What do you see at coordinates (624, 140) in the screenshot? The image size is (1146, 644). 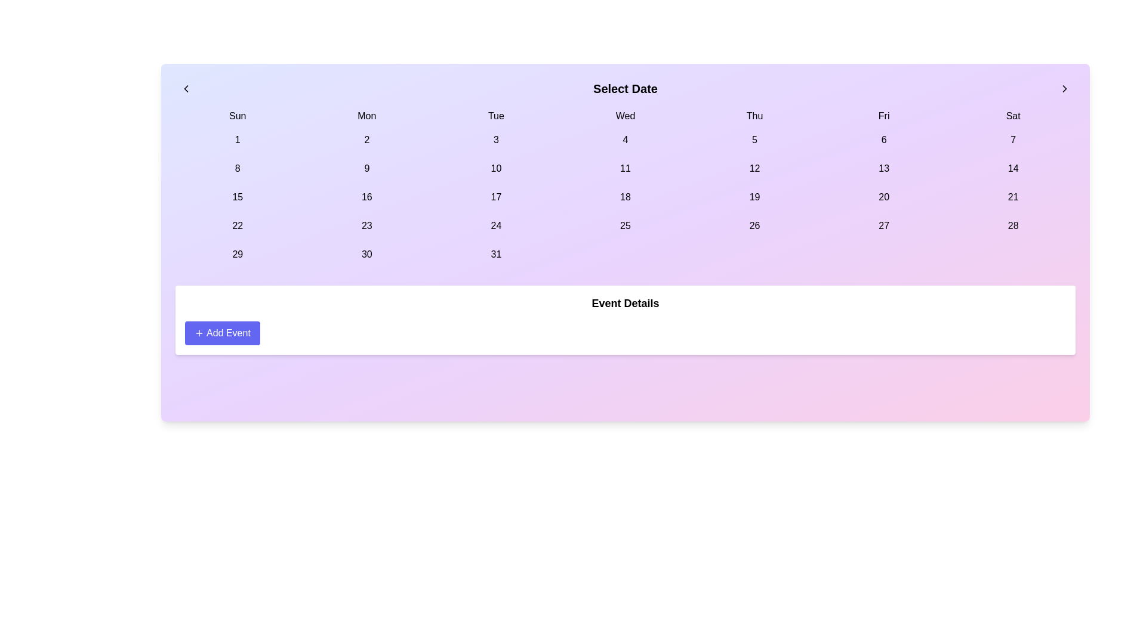 I see `the calendar button representing the date '4', located in the first row and fourth column for Wednesday` at bounding box center [624, 140].